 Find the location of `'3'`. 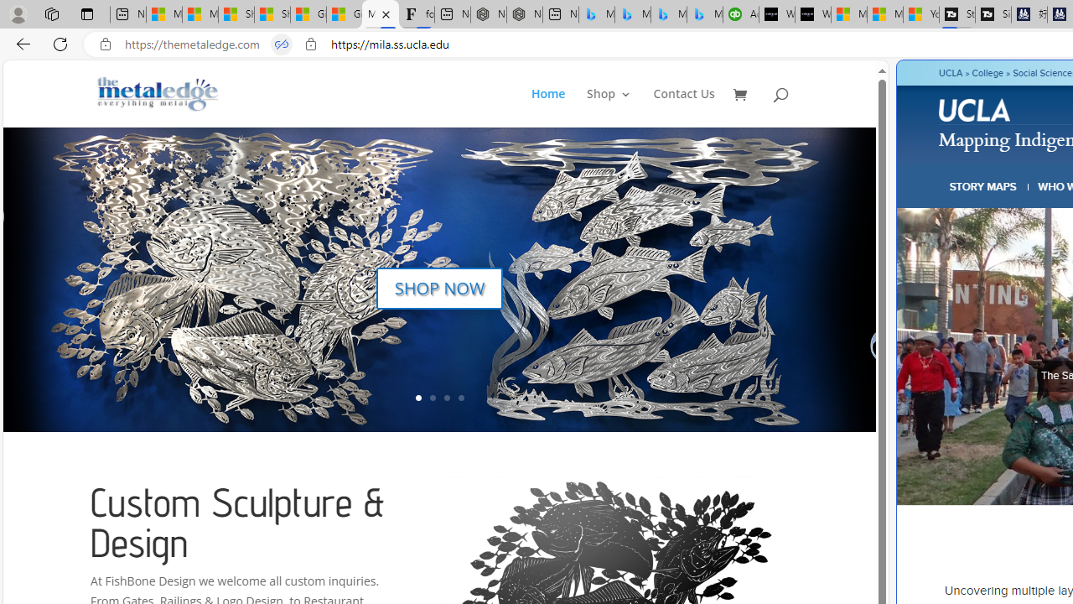

'3' is located at coordinates (447, 398).